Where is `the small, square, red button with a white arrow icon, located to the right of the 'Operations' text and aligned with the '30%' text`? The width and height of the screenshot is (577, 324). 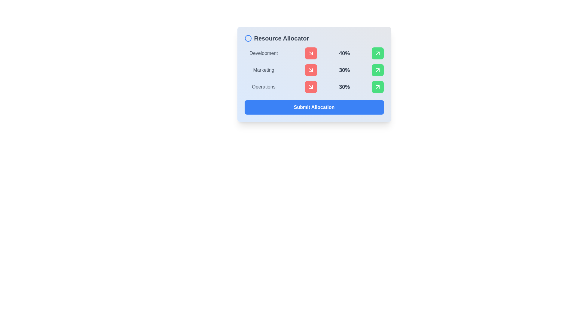
the small, square, red button with a white arrow icon, located to the right of the 'Operations' text and aligned with the '30%' text is located at coordinates (311, 87).